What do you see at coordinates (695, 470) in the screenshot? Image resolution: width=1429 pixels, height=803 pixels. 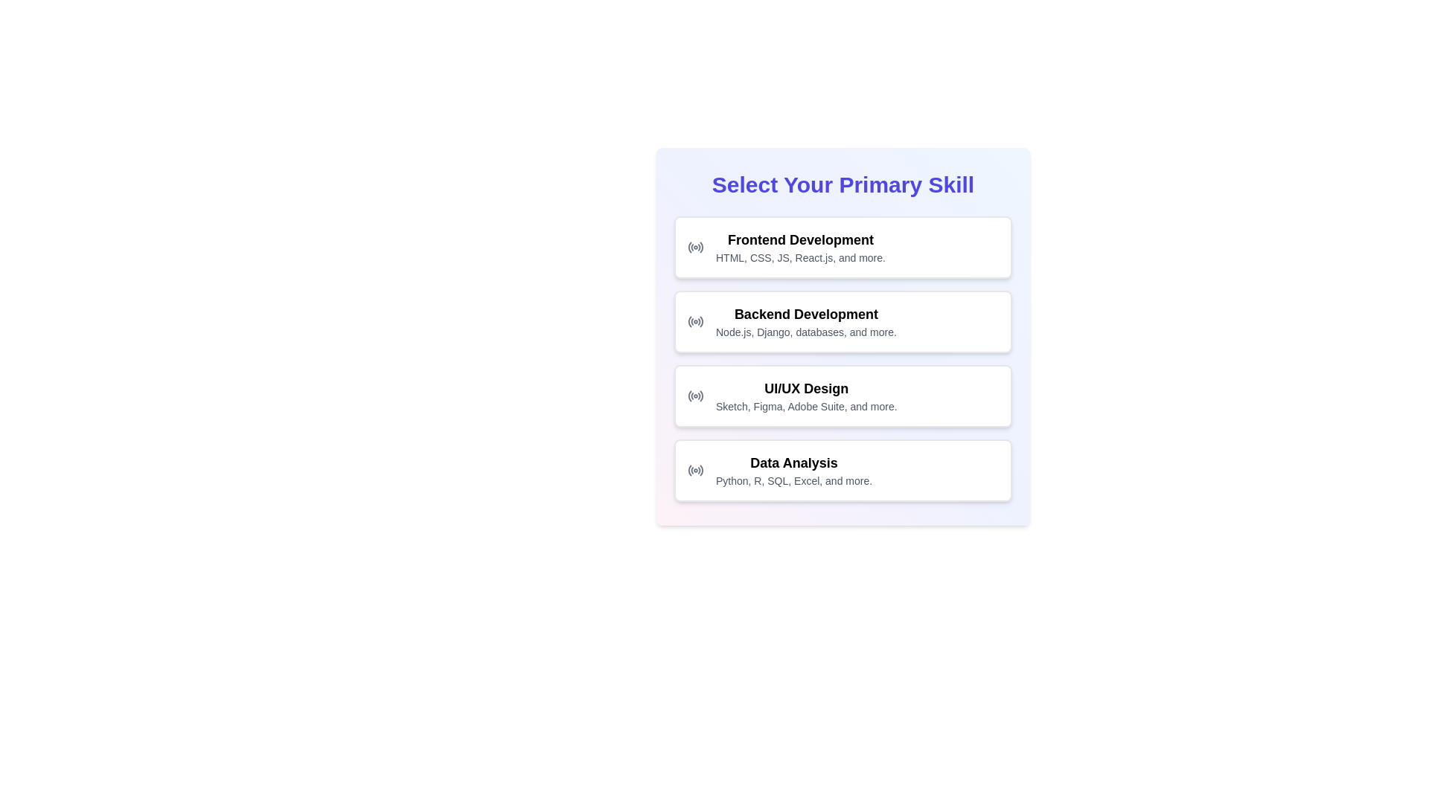 I see `the radio signal icon, which consists of concentric circular waves and a central dot, located in the top-left corner of the 'Data Analysis' section under 'Select Your Primary Skill'` at bounding box center [695, 470].